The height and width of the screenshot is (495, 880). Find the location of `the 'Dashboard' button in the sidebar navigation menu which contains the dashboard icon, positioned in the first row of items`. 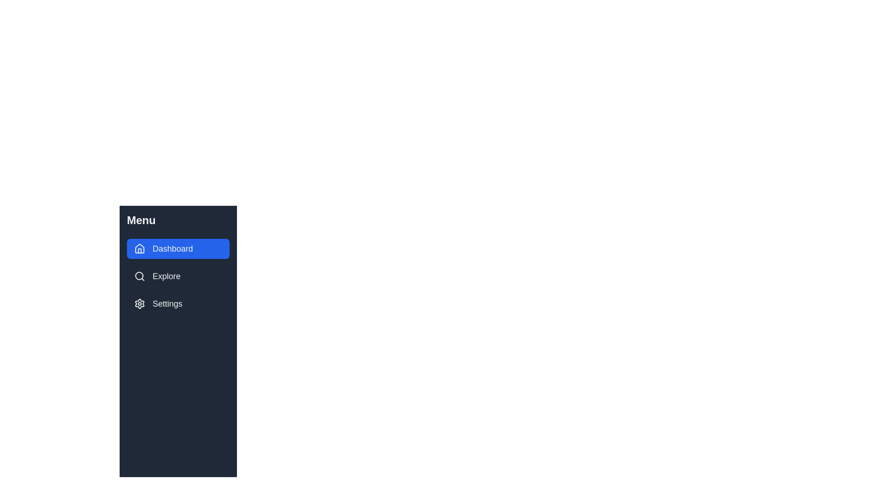

the 'Dashboard' button in the sidebar navigation menu which contains the dashboard icon, positioned in the first row of items is located at coordinates (139, 248).